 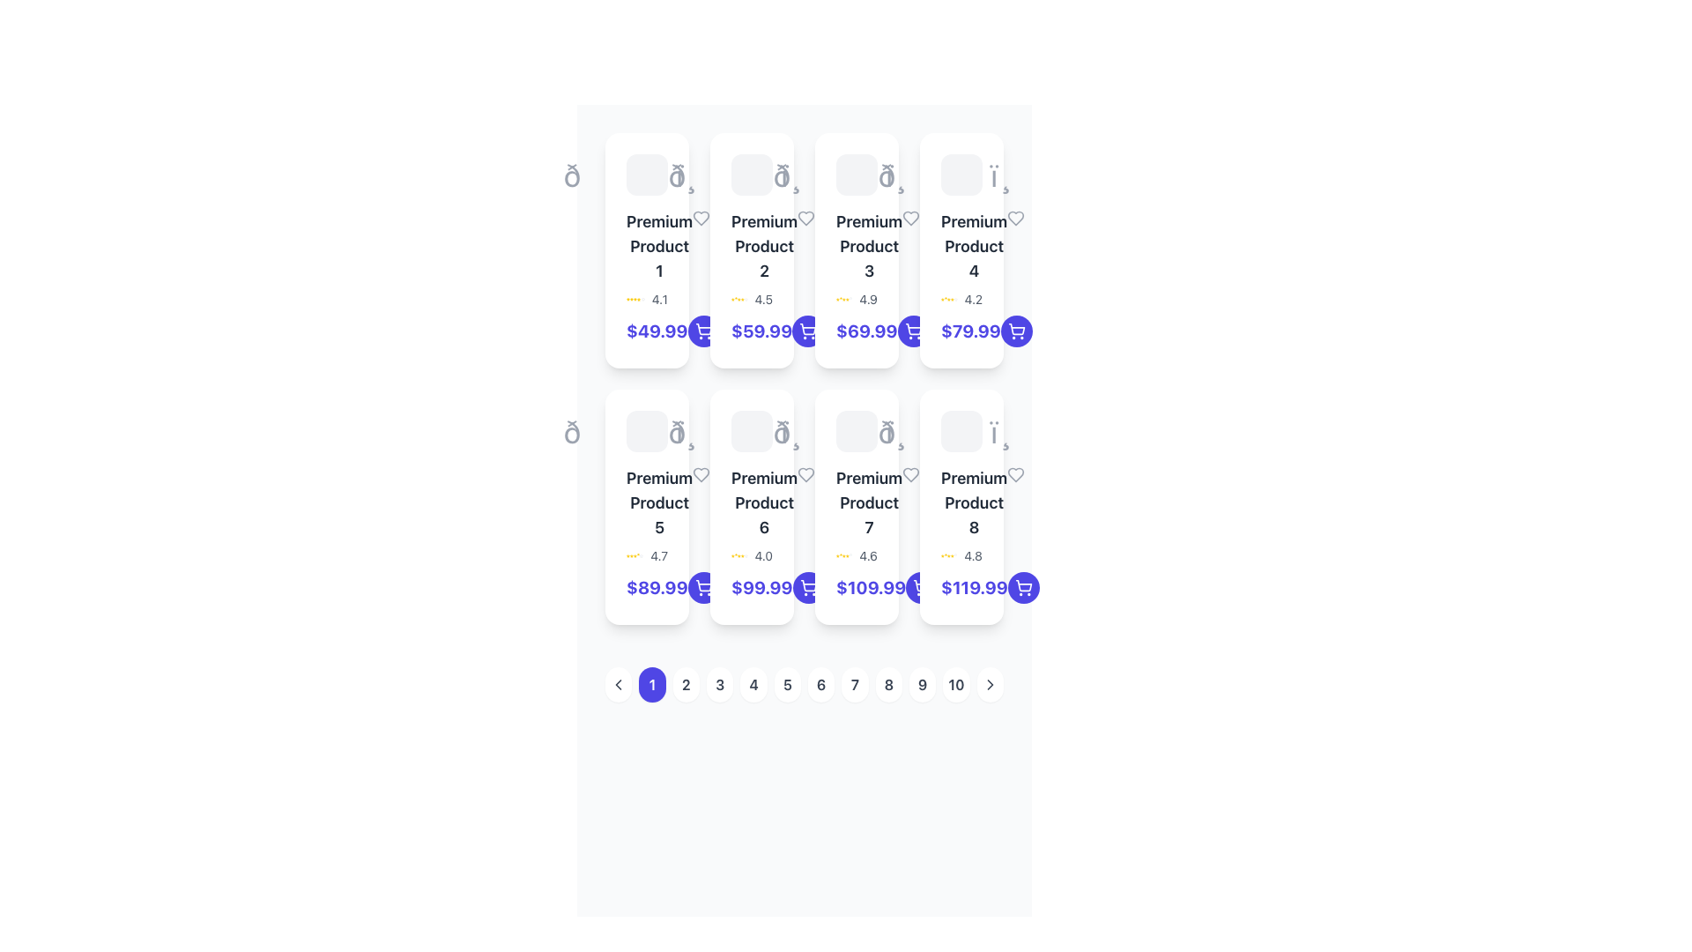 What do you see at coordinates (656, 588) in the screenshot?
I see `the price display showing '$89.99' within the 'Premium Product 5' card` at bounding box center [656, 588].